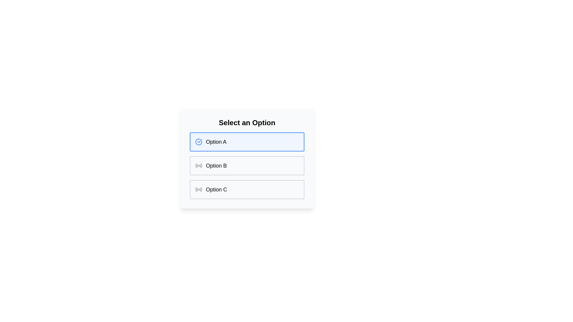  What do you see at coordinates (247, 165) in the screenshot?
I see `the 'Option B' radio button` at bounding box center [247, 165].